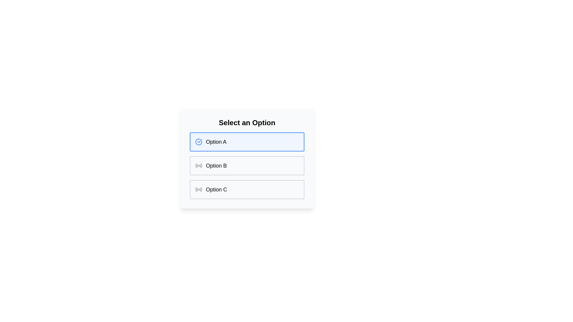  What do you see at coordinates (247, 165) in the screenshot?
I see `the 'Option B' radio button` at bounding box center [247, 165].